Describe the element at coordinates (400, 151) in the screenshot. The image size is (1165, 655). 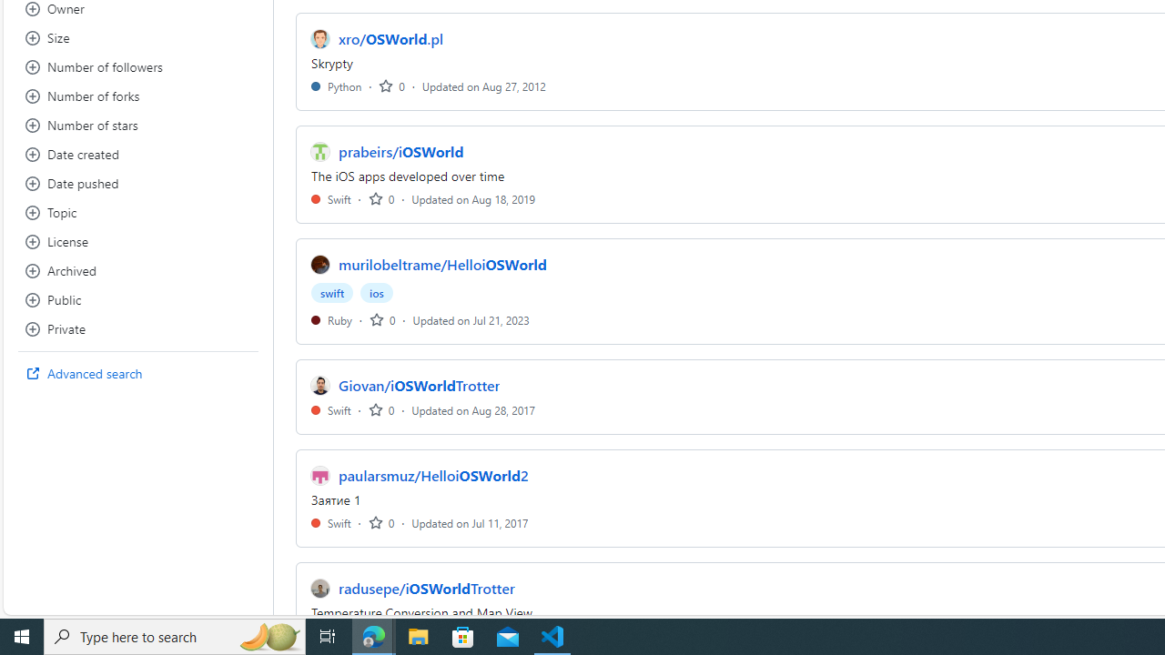
I see `'prabeirs/iOSWorld'` at that location.